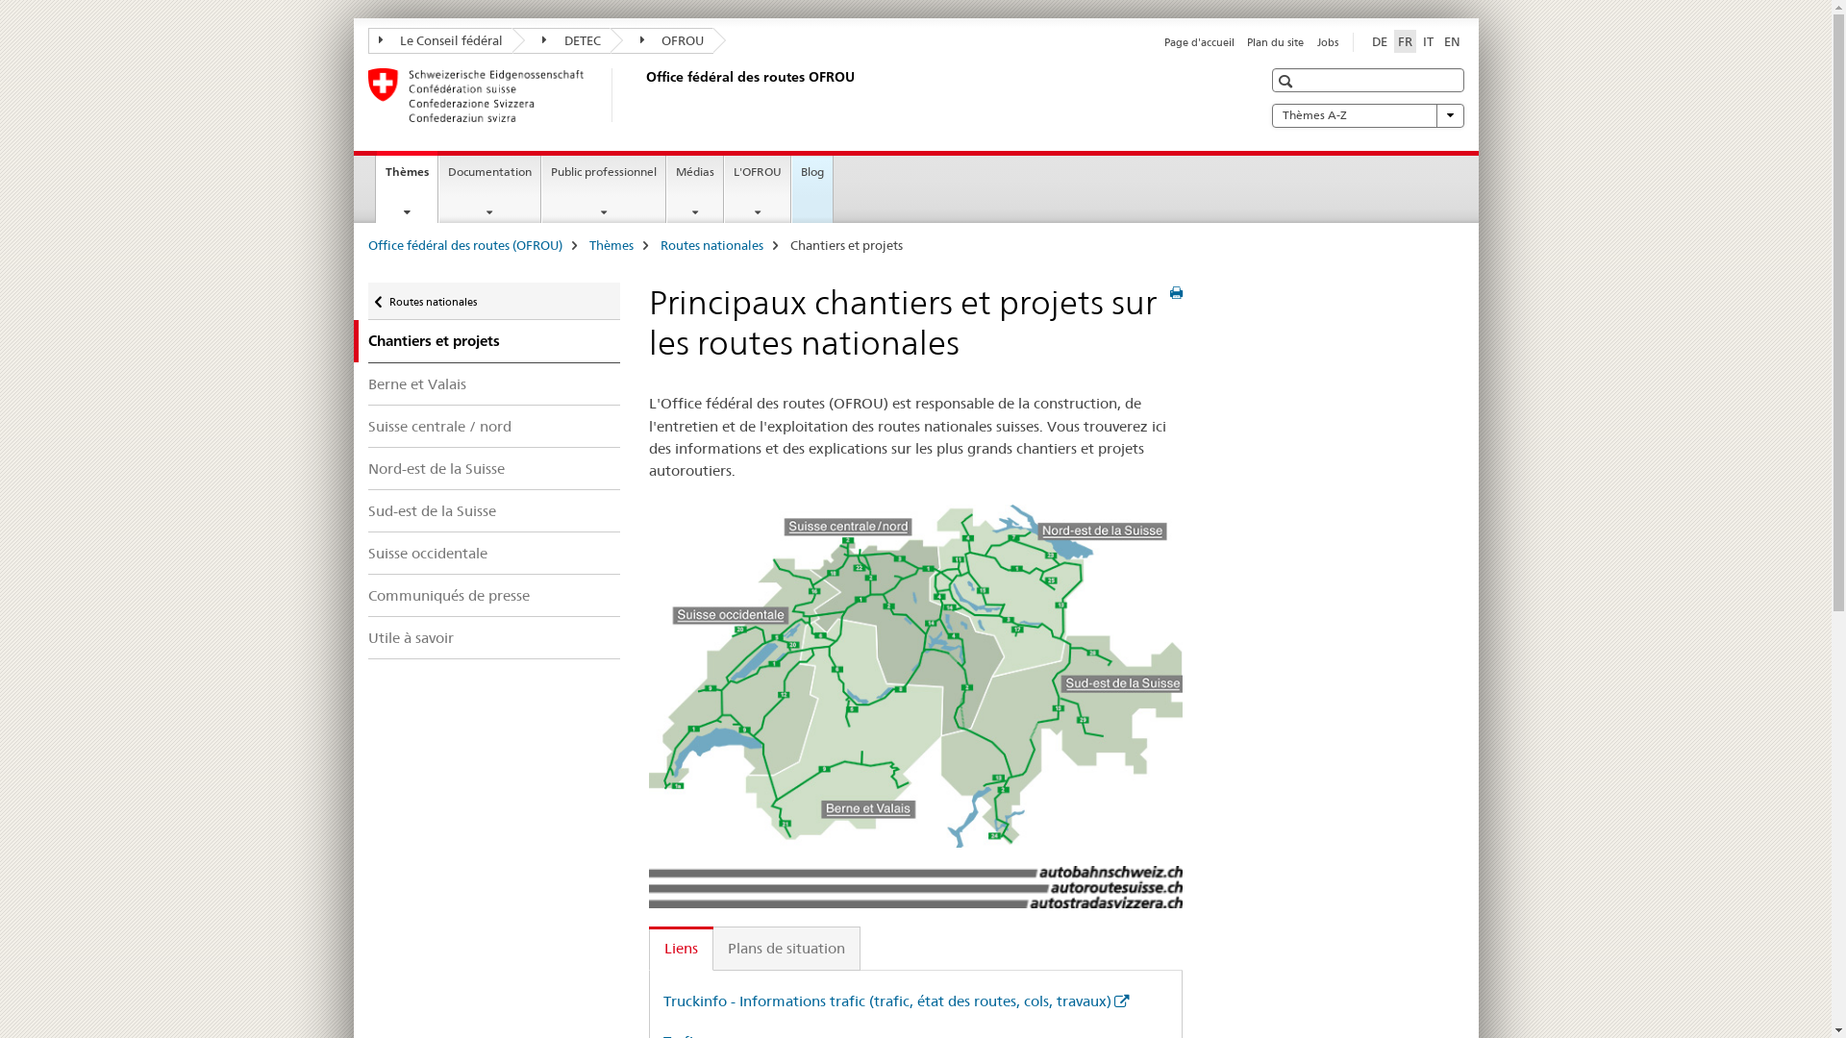  Describe the element at coordinates (493, 553) in the screenshot. I see `'Suisse occidentale'` at that location.